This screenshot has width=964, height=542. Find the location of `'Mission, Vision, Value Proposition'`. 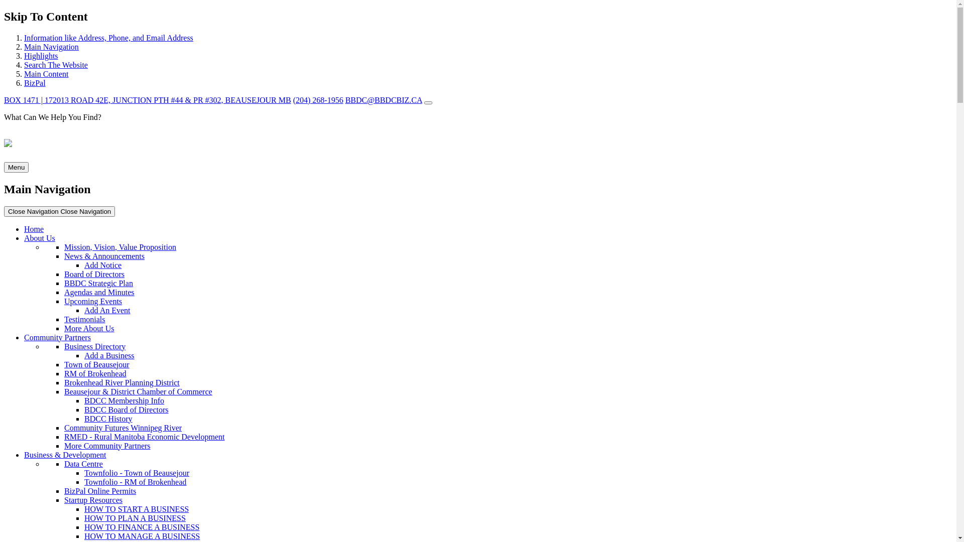

'Mission, Vision, Value Proposition' is located at coordinates (120, 247).